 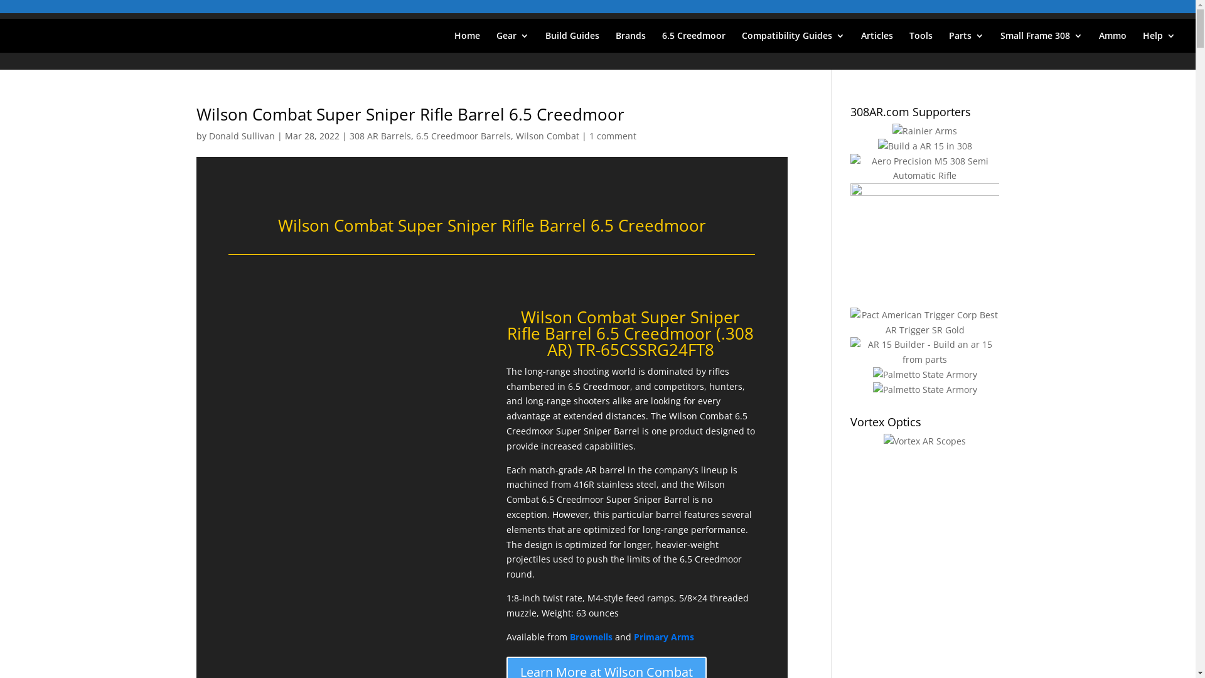 What do you see at coordinates (633, 637) in the screenshot?
I see `'Primary Arms'` at bounding box center [633, 637].